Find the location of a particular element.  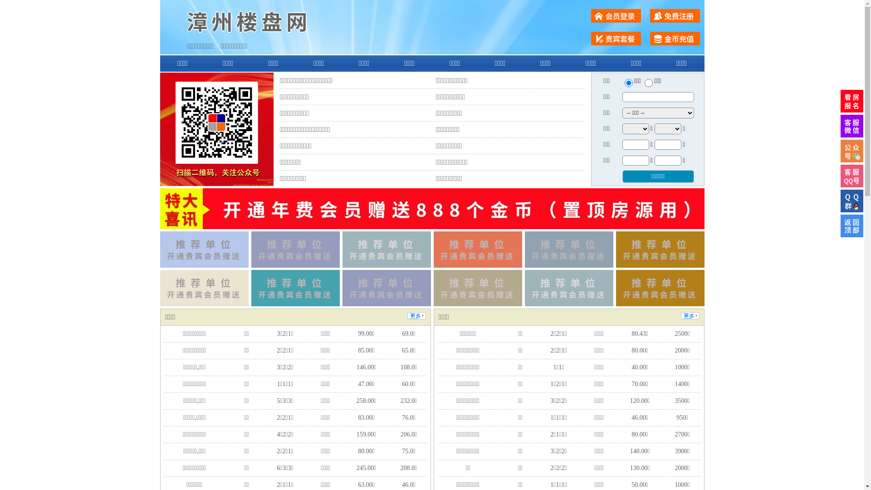

'ershou' is located at coordinates (624, 83).